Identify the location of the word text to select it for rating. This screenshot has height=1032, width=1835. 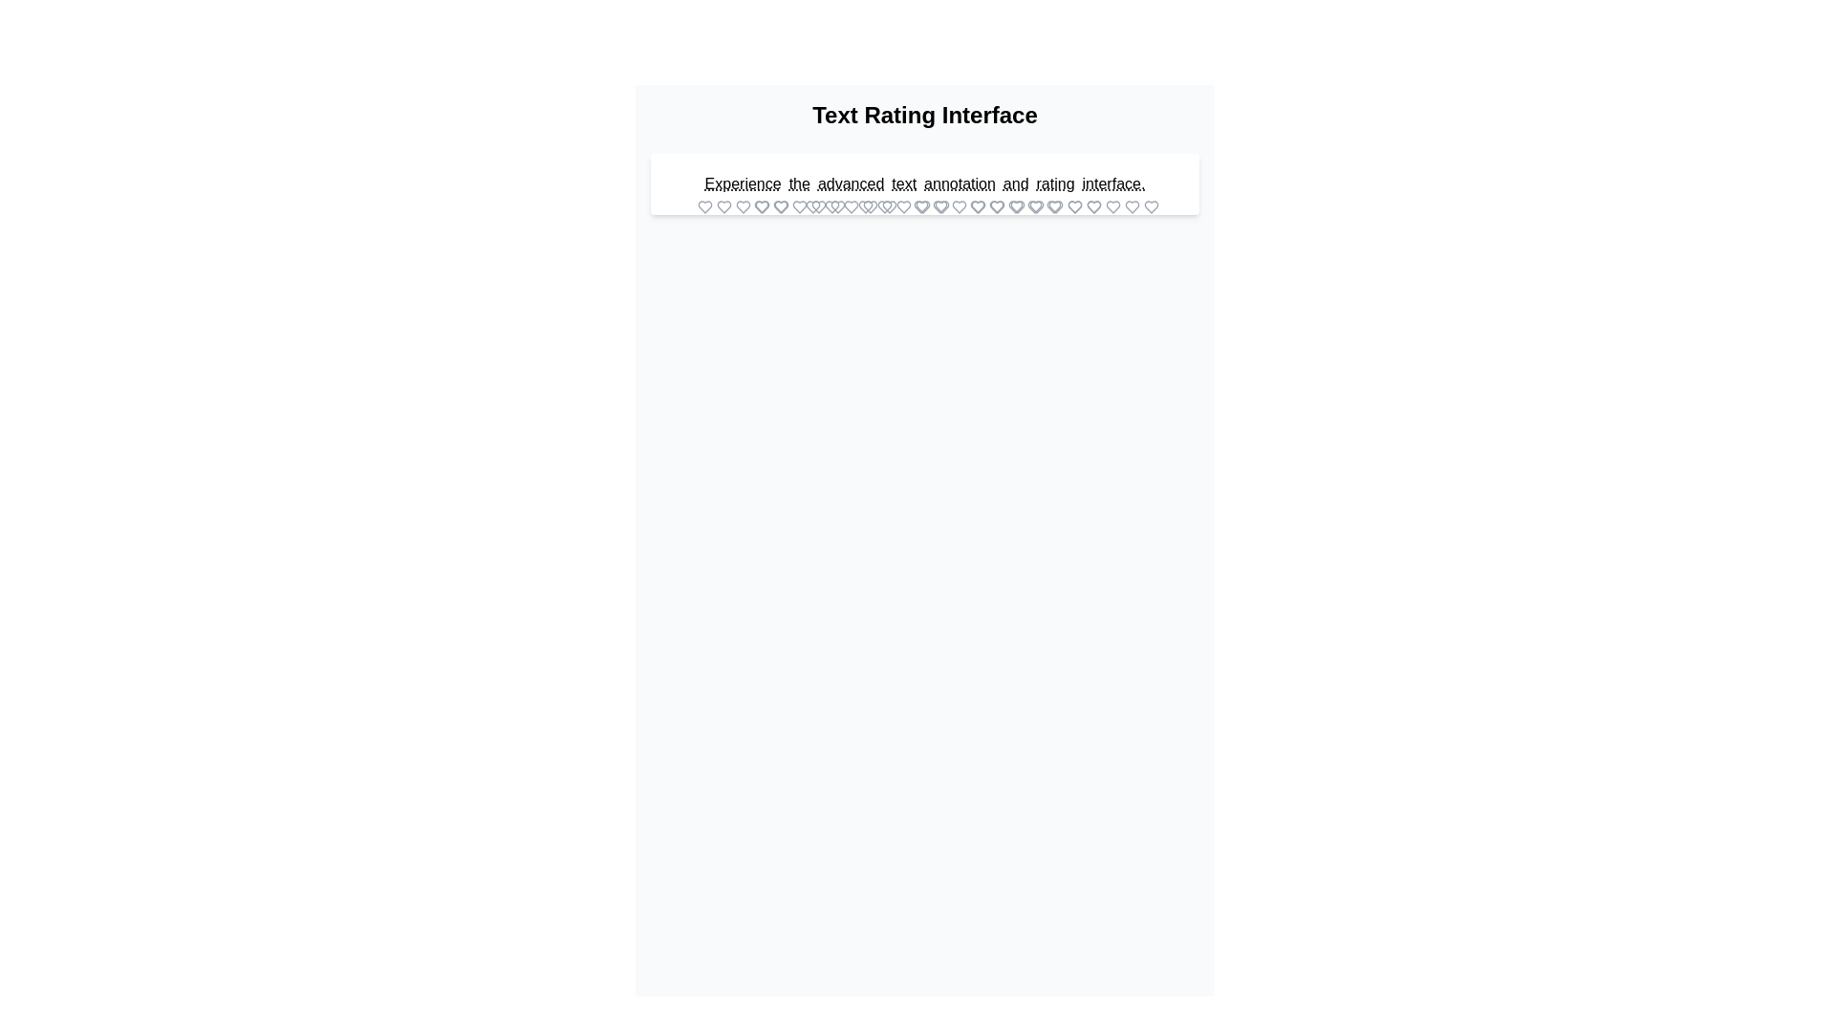
(903, 183).